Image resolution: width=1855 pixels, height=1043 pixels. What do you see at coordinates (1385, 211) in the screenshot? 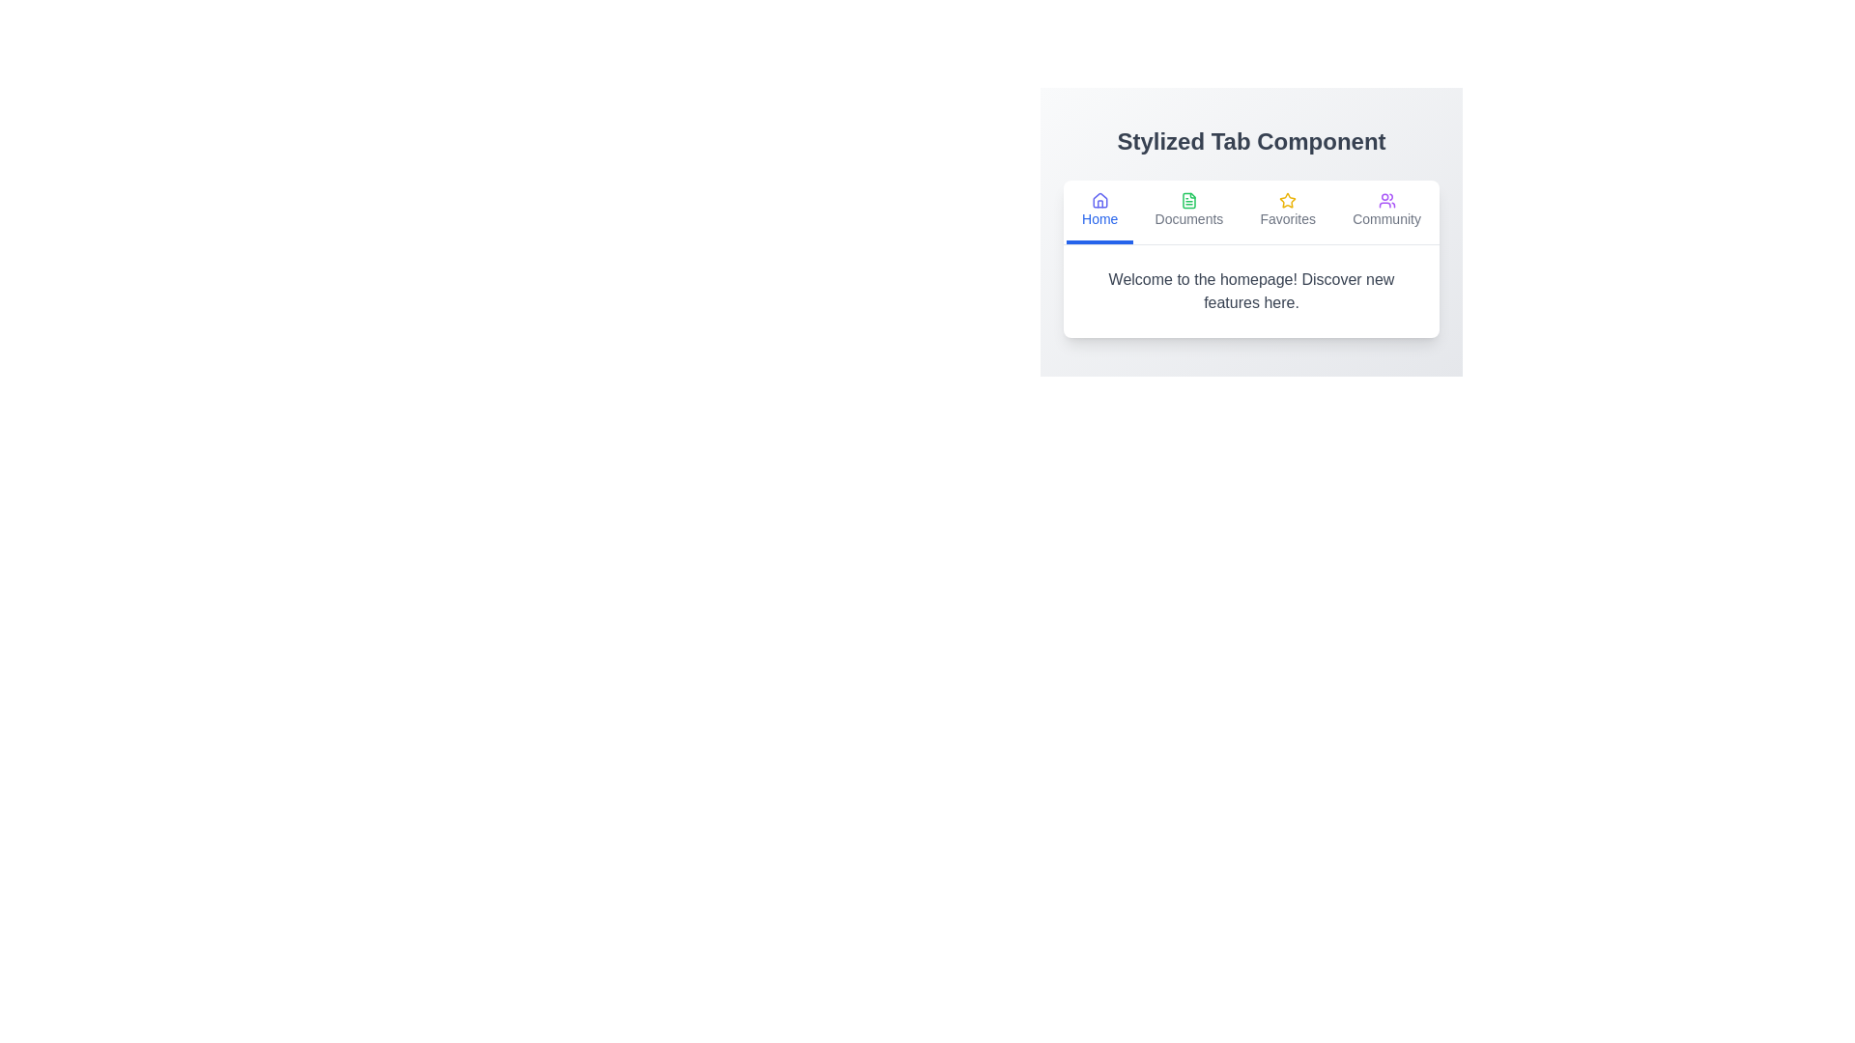
I see `the 'Community' button with an icon and text label, which is the last item in the horizontal navigation bar` at bounding box center [1385, 211].